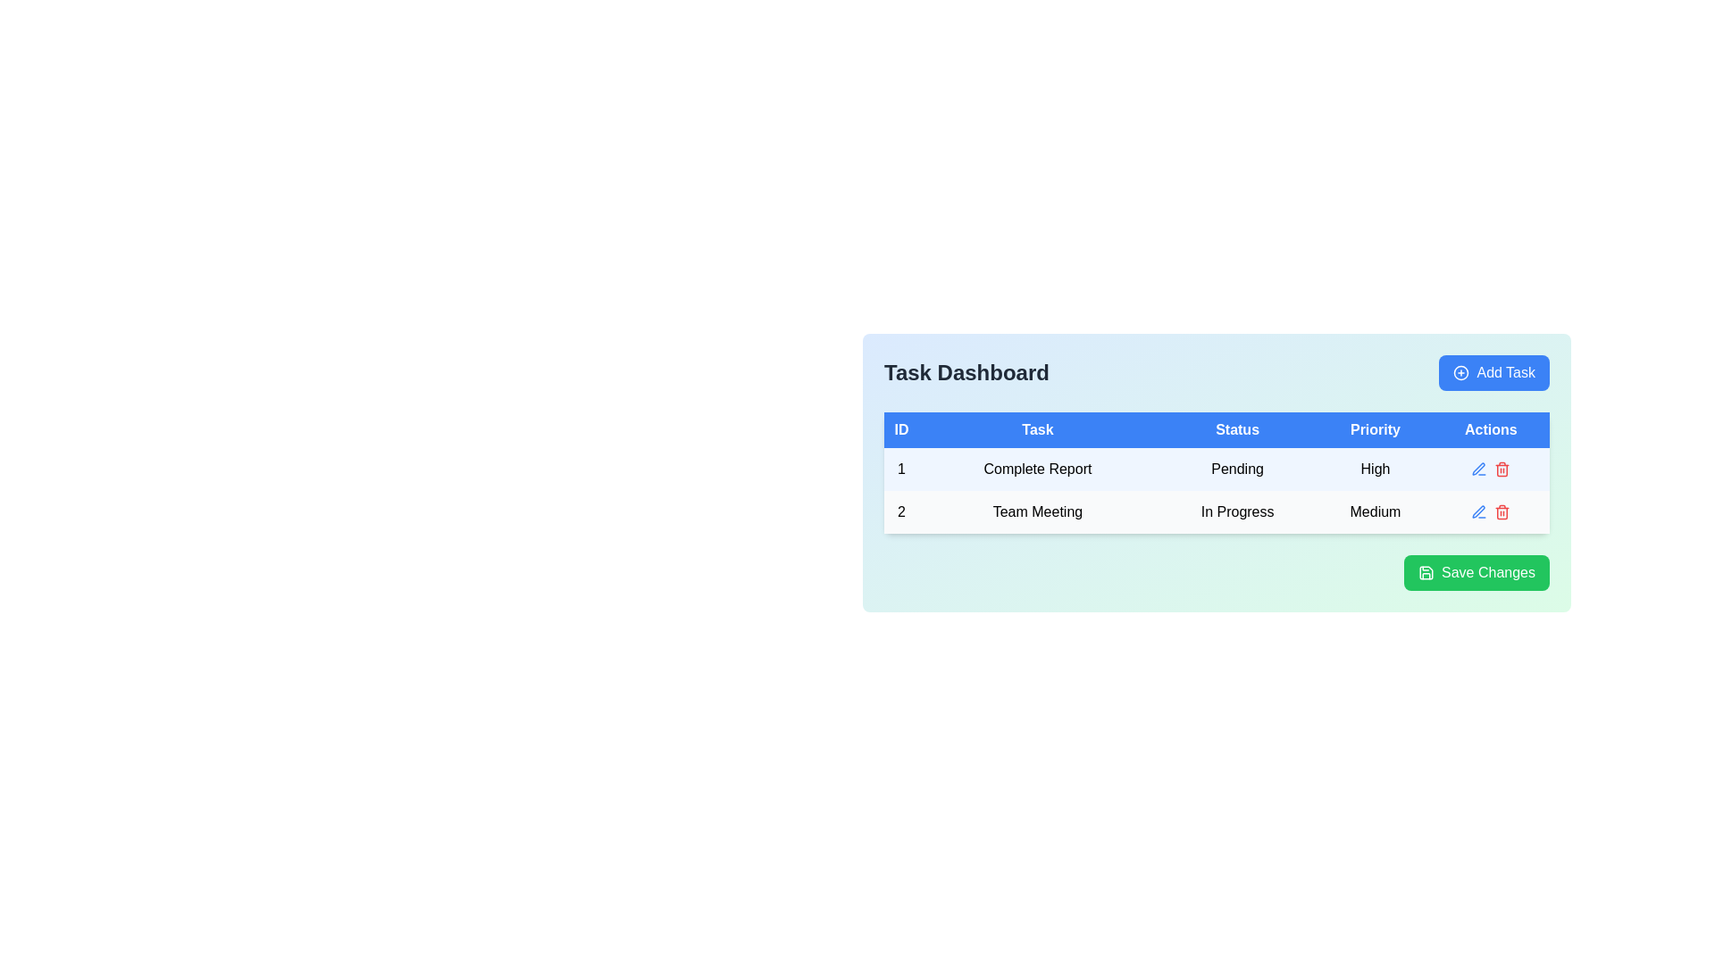 This screenshot has height=964, width=1715. What do you see at coordinates (1461, 371) in the screenshot?
I see `the 'Add Task' button, which contains a circular SVG graphic representing a plus symbol, located at the top-right corner of the task dashboard interface` at bounding box center [1461, 371].